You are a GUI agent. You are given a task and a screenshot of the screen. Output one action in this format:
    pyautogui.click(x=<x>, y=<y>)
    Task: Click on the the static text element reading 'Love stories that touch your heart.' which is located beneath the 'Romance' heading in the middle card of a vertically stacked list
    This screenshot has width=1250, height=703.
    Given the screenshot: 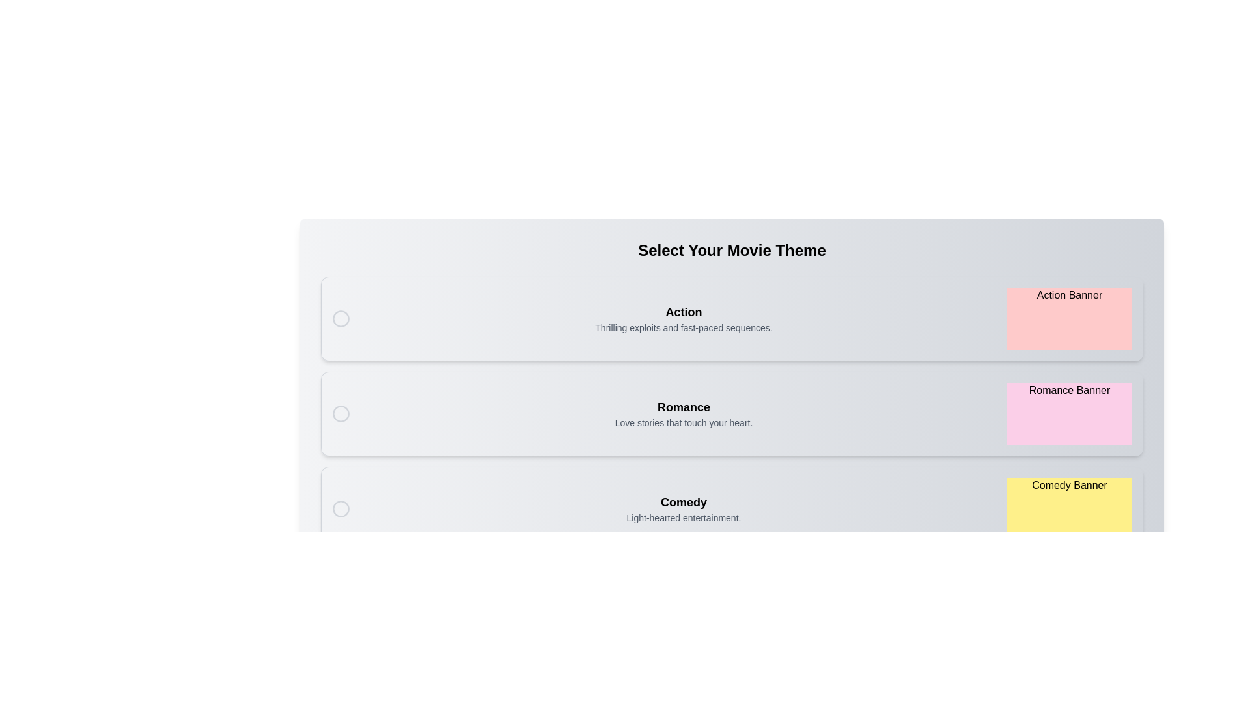 What is the action you would take?
    pyautogui.click(x=683, y=423)
    